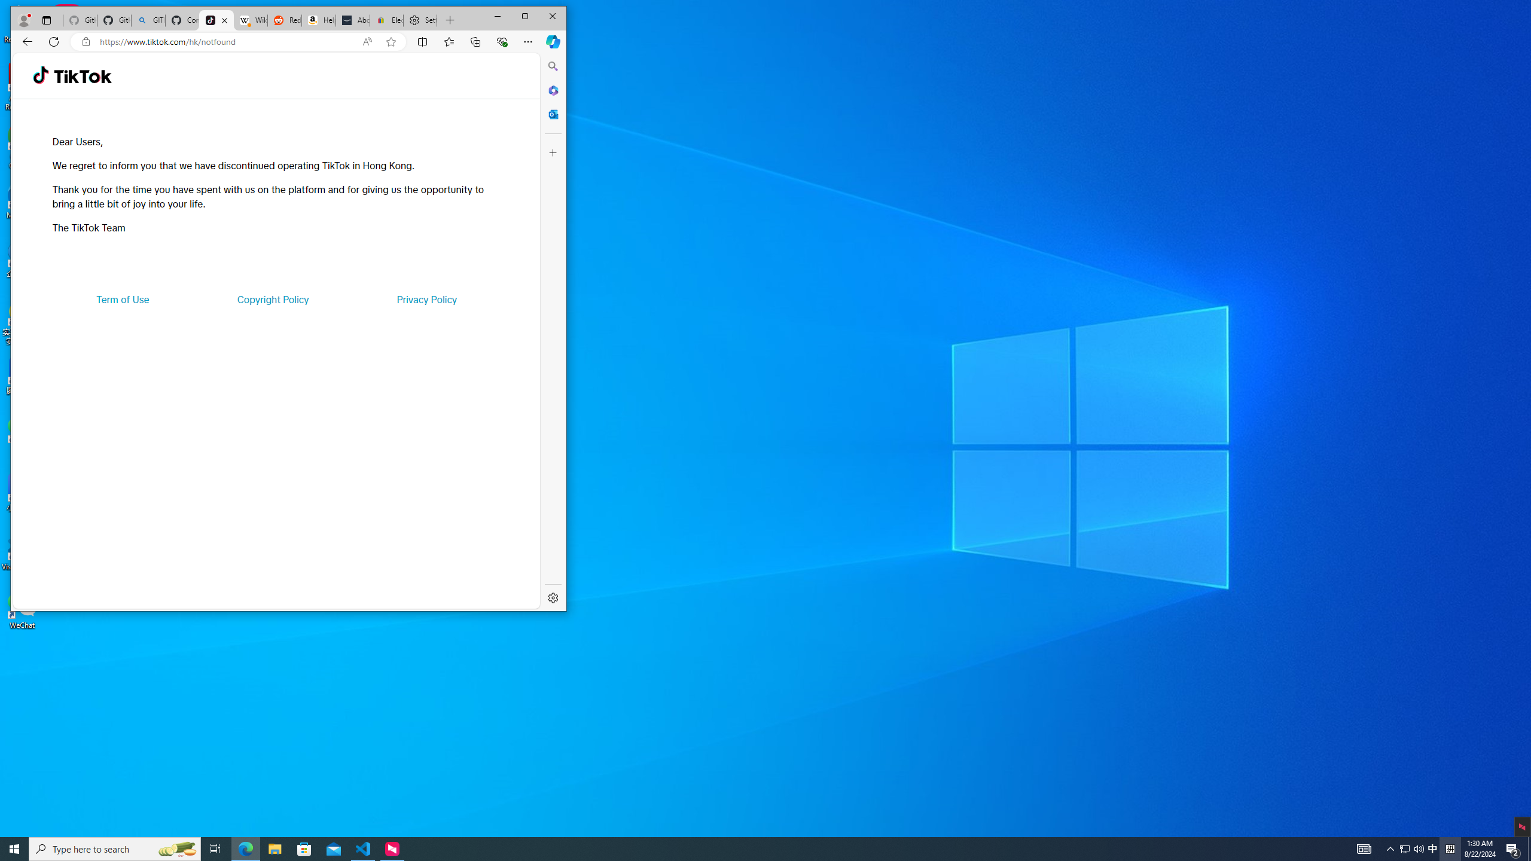 The width and height of the screenshot is (1531, 861). Describe the element at coordinates (176, 848) in the screenshot. I see `'Search highlights icon opens search home window'` at that location.